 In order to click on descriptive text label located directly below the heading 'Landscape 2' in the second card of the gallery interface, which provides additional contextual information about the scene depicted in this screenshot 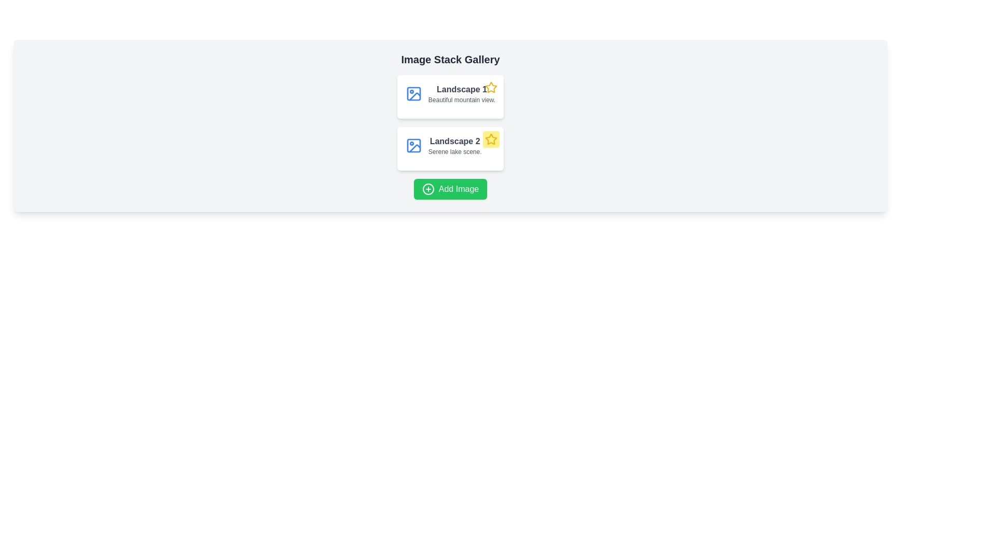, I will do `click(455, 152)`.